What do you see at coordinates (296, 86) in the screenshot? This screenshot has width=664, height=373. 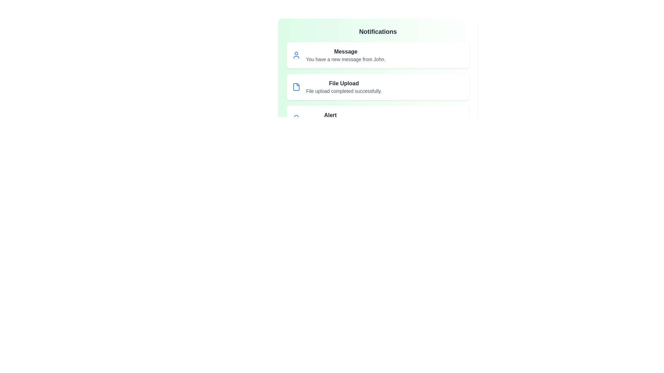 I see `the notification icon for File Upload` at bounding box center [296, 86].